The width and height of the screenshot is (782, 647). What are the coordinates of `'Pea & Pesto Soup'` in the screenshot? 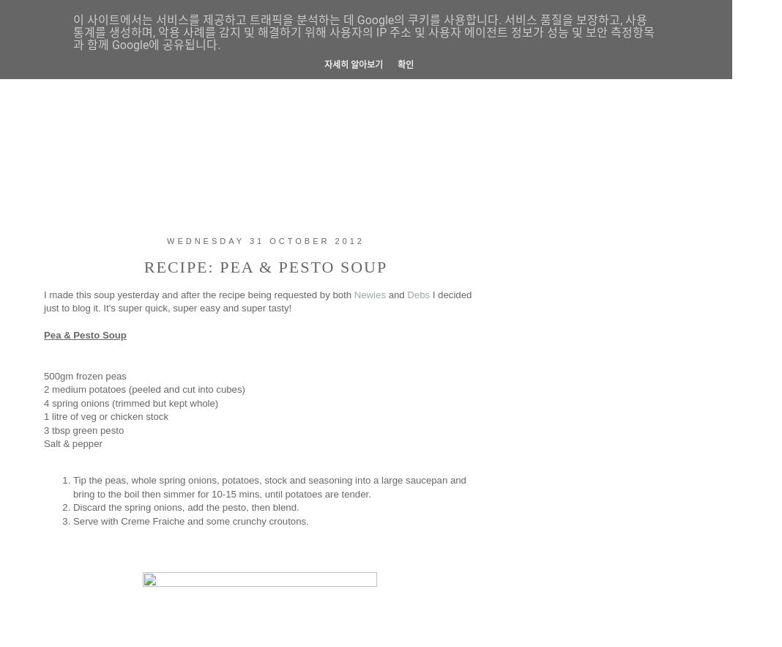 It's located at (83, 334).